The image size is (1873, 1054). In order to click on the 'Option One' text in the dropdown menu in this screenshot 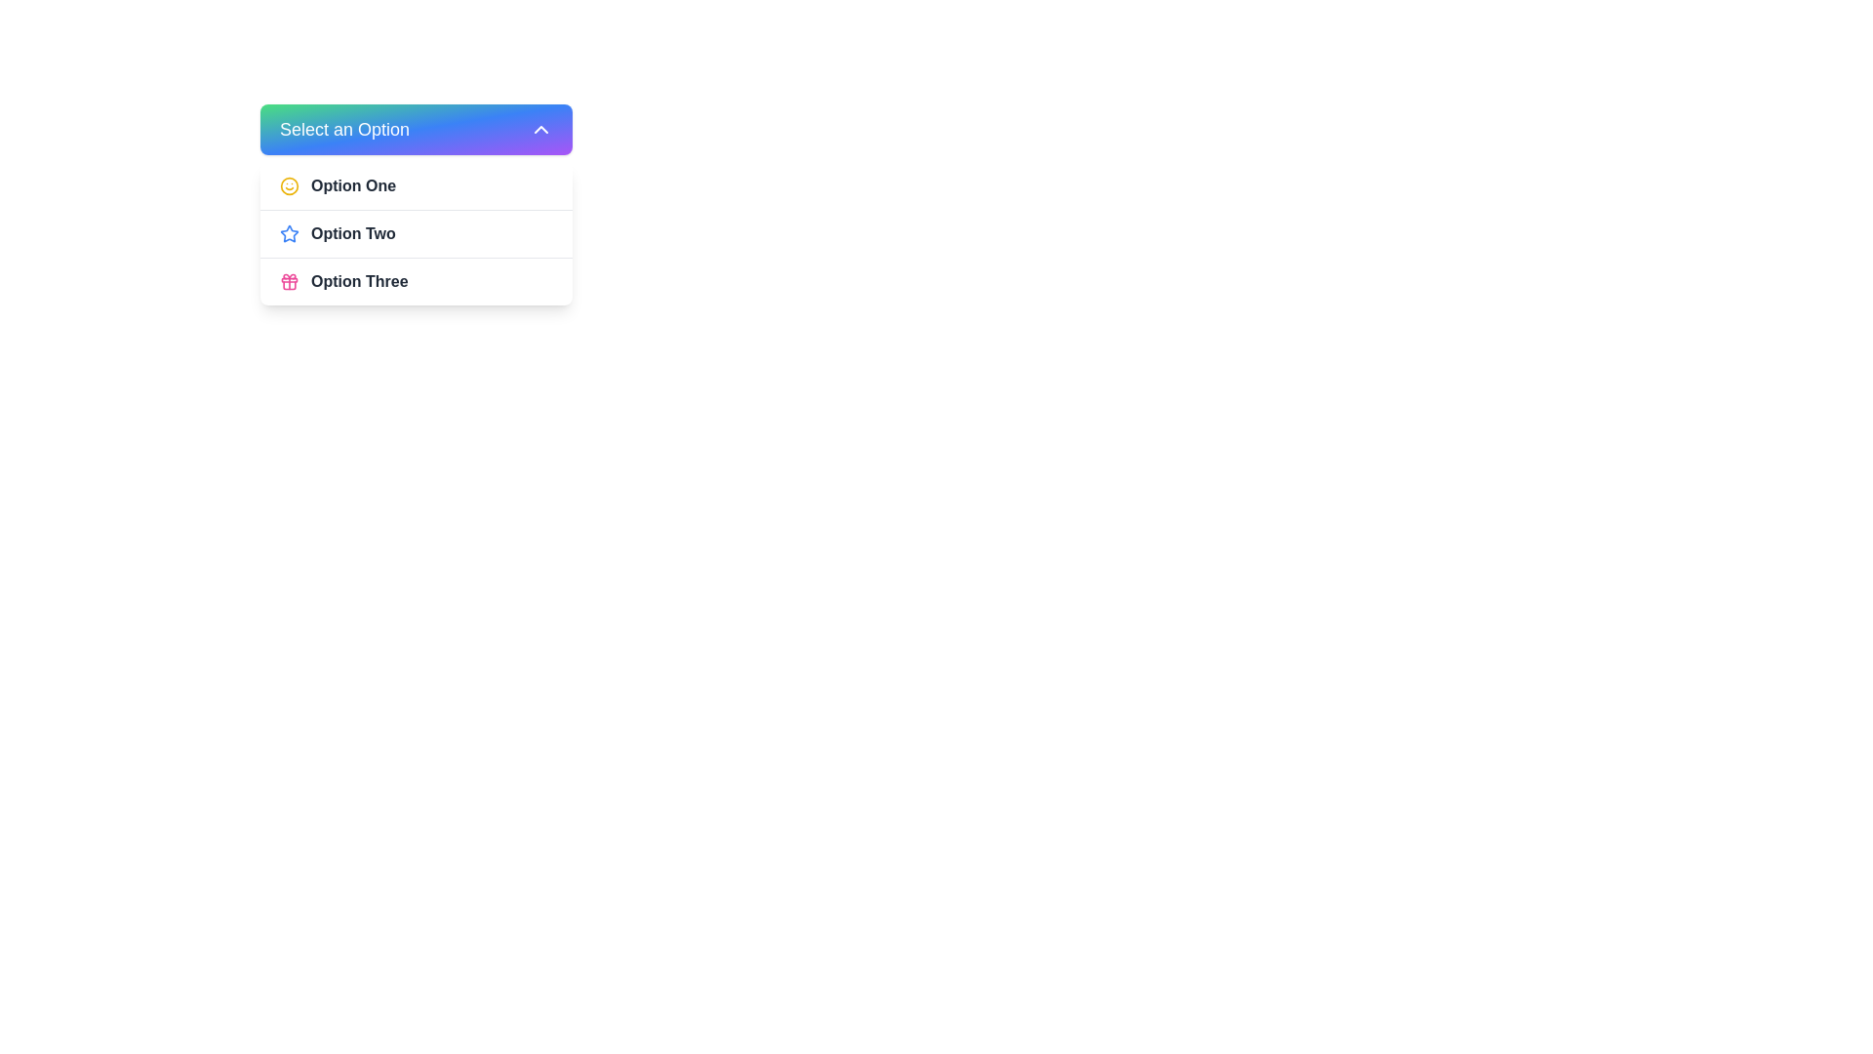, I will do `click(353, 186)`.